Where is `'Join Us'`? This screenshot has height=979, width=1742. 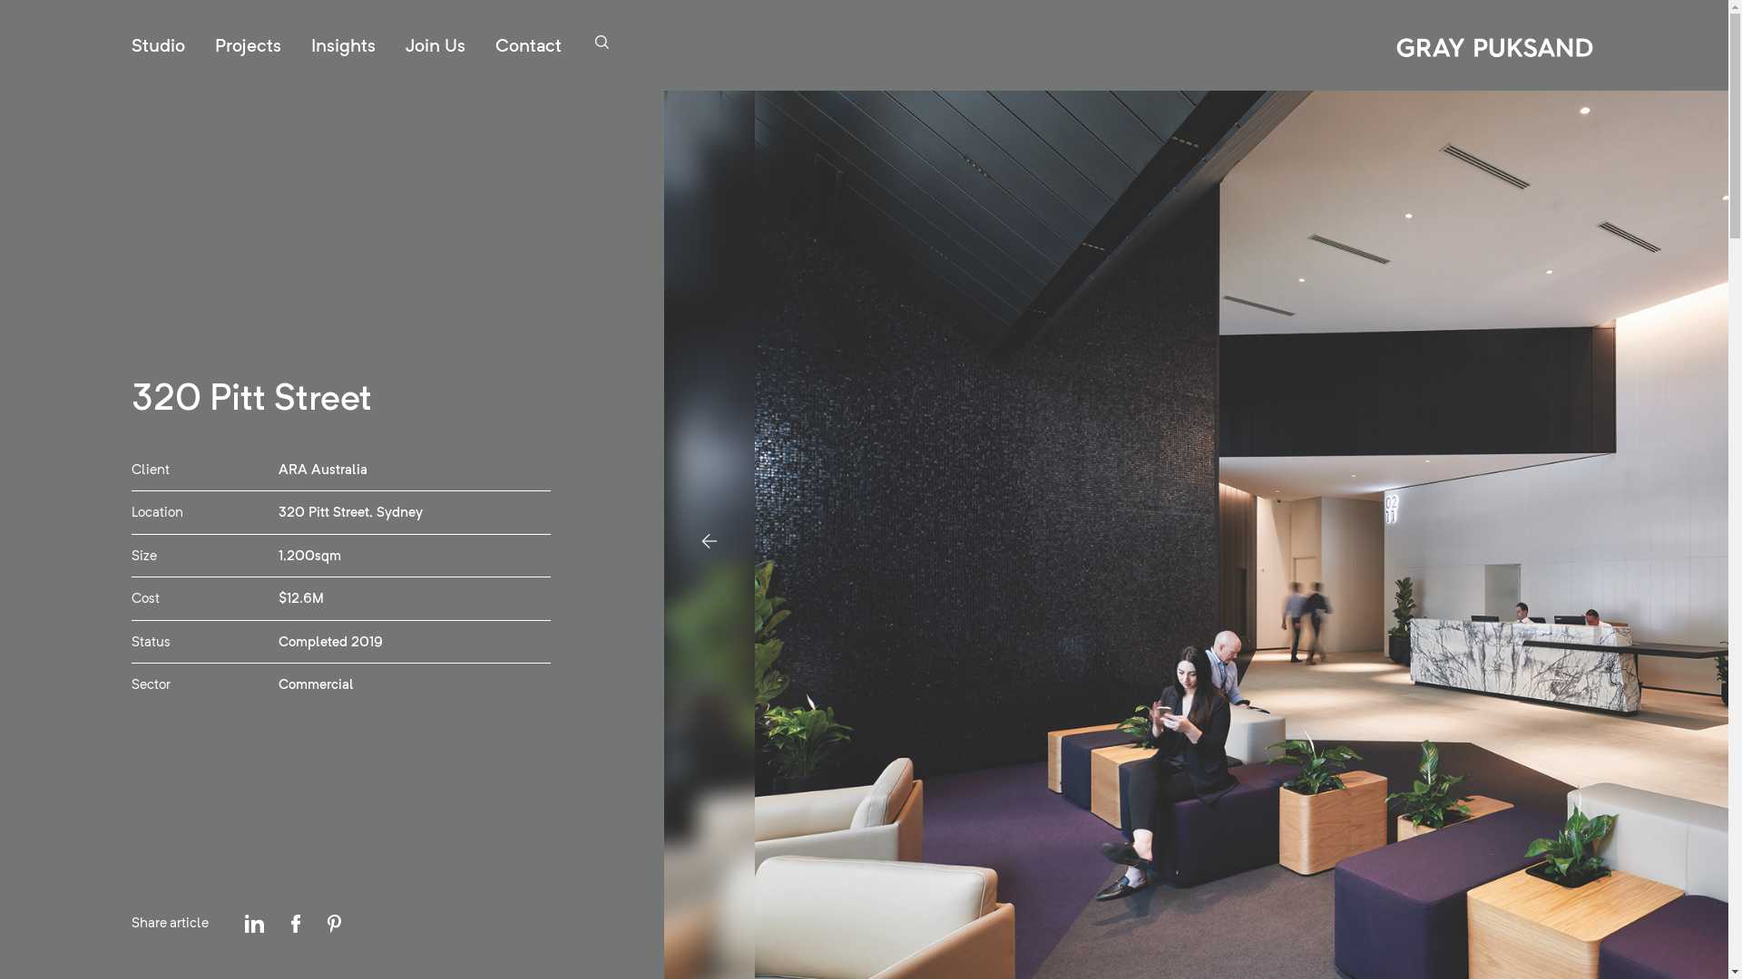
'Join Us' is located at coordinates (435, 44).